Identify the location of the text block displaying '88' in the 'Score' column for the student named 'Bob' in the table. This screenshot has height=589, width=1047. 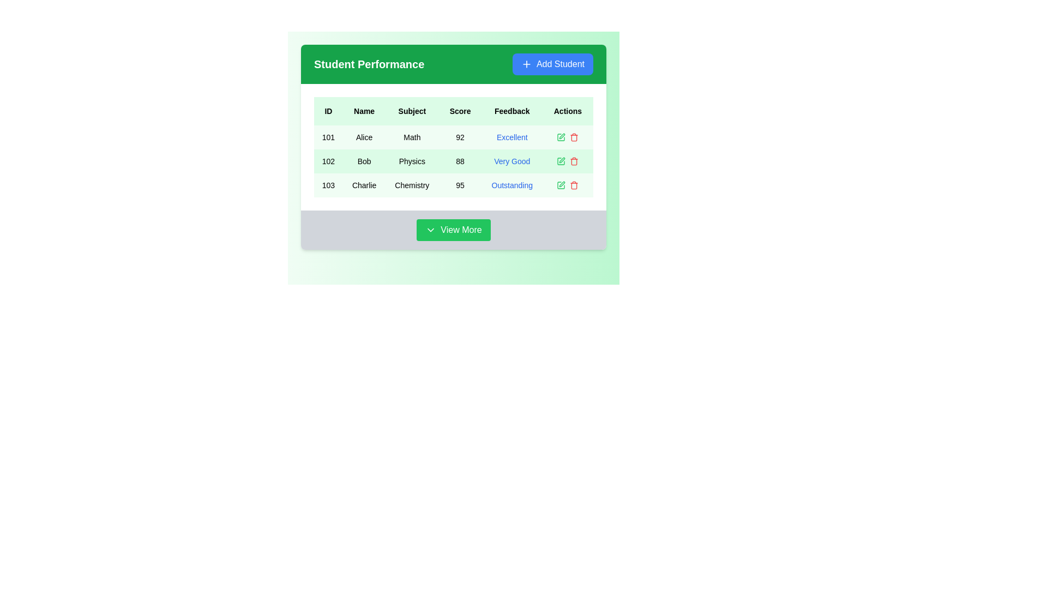
(460, 161).